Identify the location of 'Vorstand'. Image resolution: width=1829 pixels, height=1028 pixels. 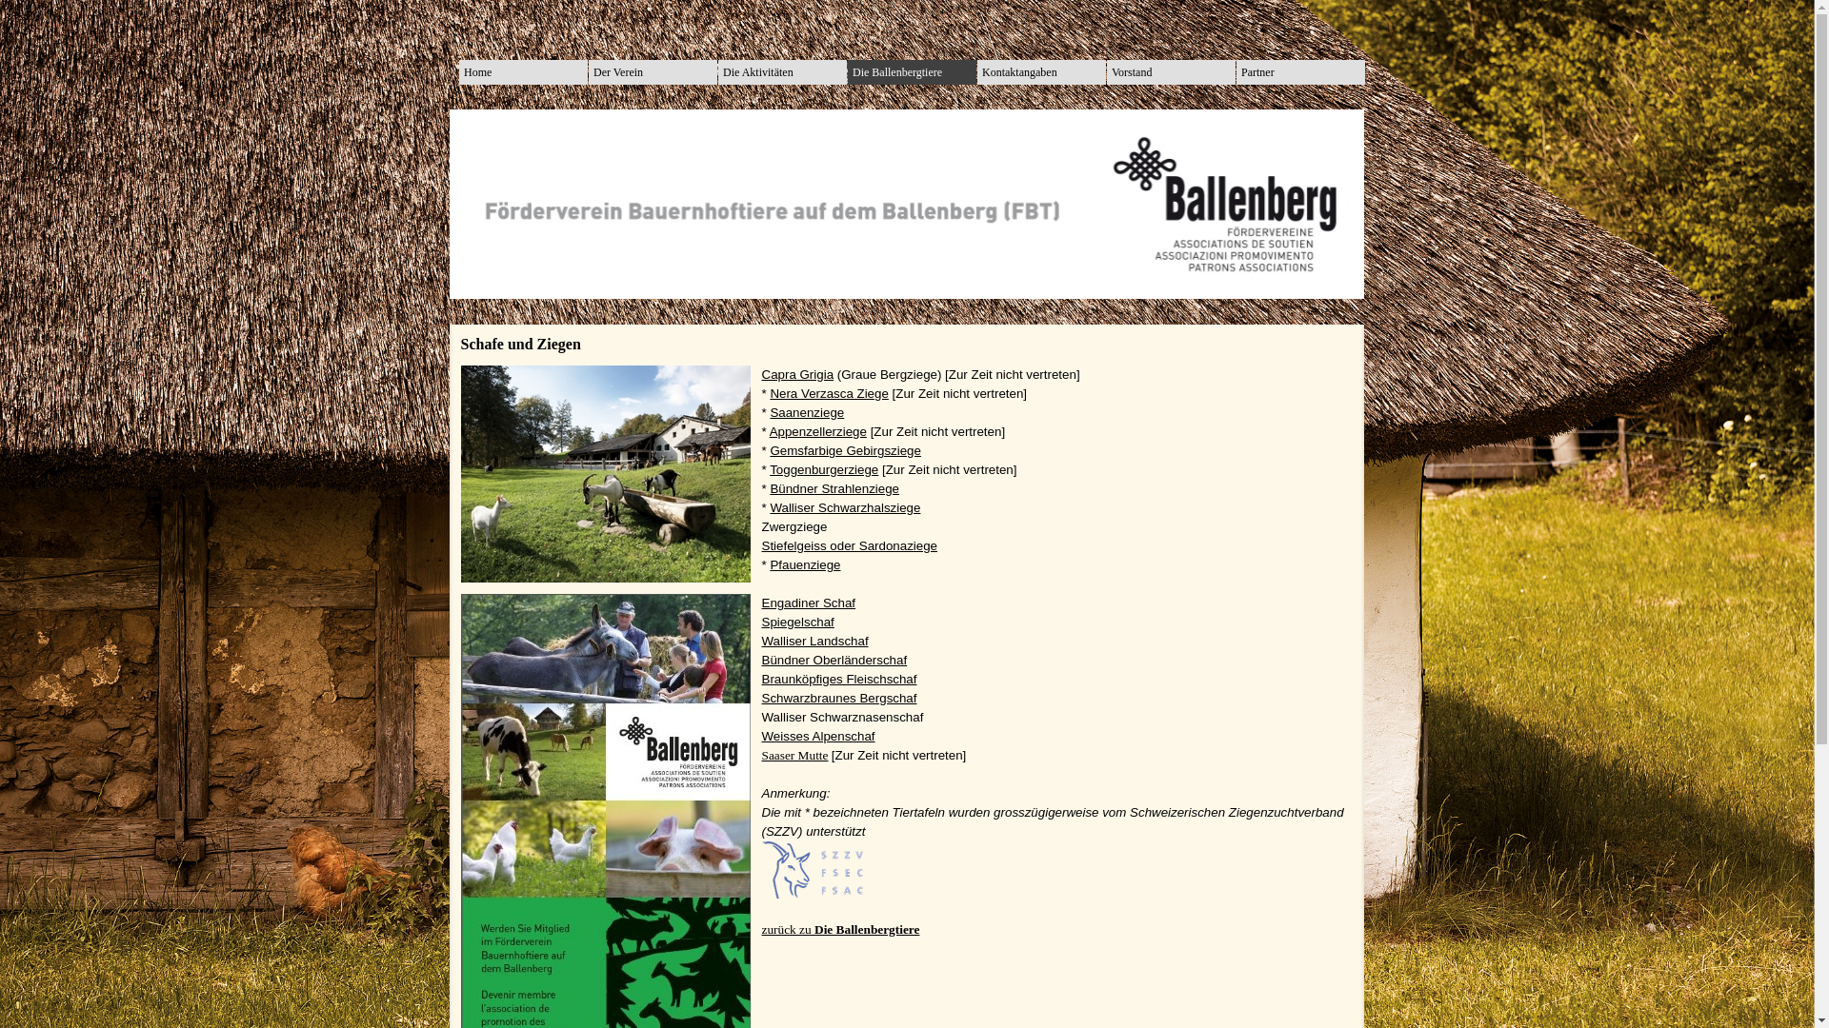
(1170, 71).